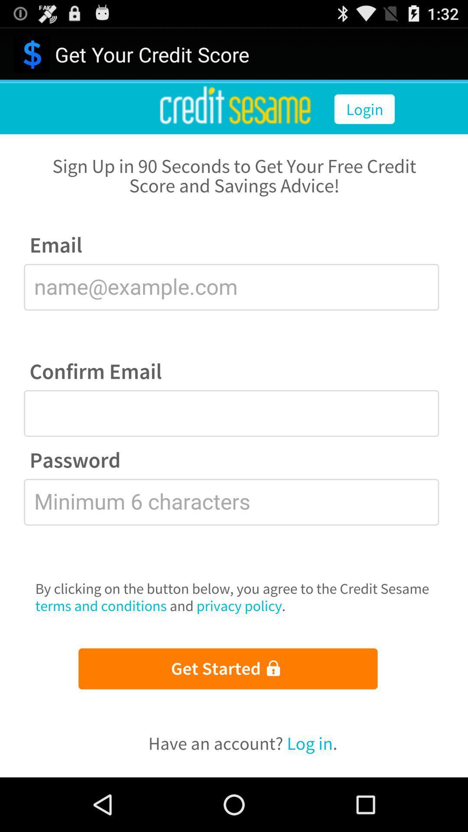  Describe the element at coordinates (234, 429) in the screenshot. I see `account creation page` at that location.